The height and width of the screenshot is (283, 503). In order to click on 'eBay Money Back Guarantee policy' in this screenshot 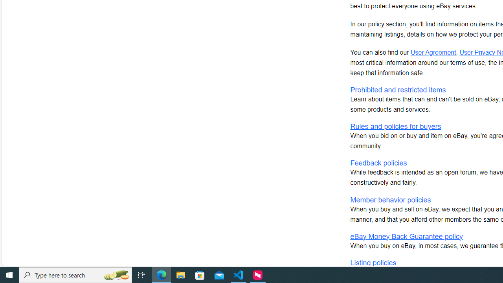, I will do `click(406, 236)`.